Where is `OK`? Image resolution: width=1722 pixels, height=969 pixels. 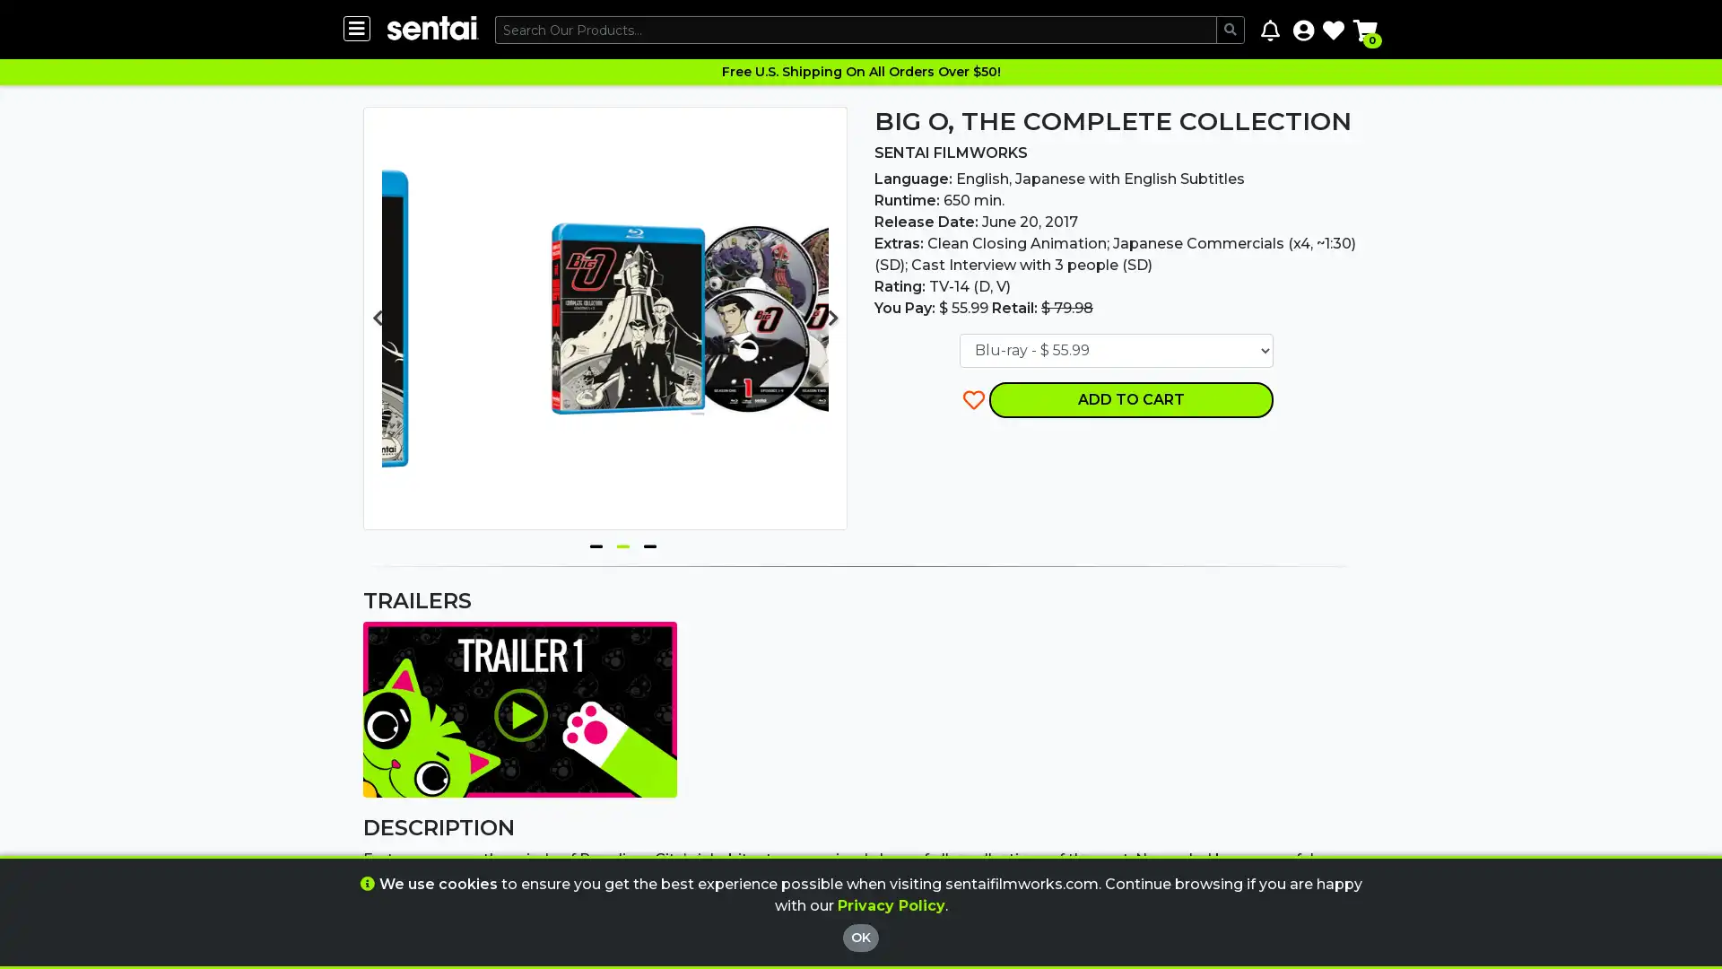 OK is located at coordinates (861, 937).